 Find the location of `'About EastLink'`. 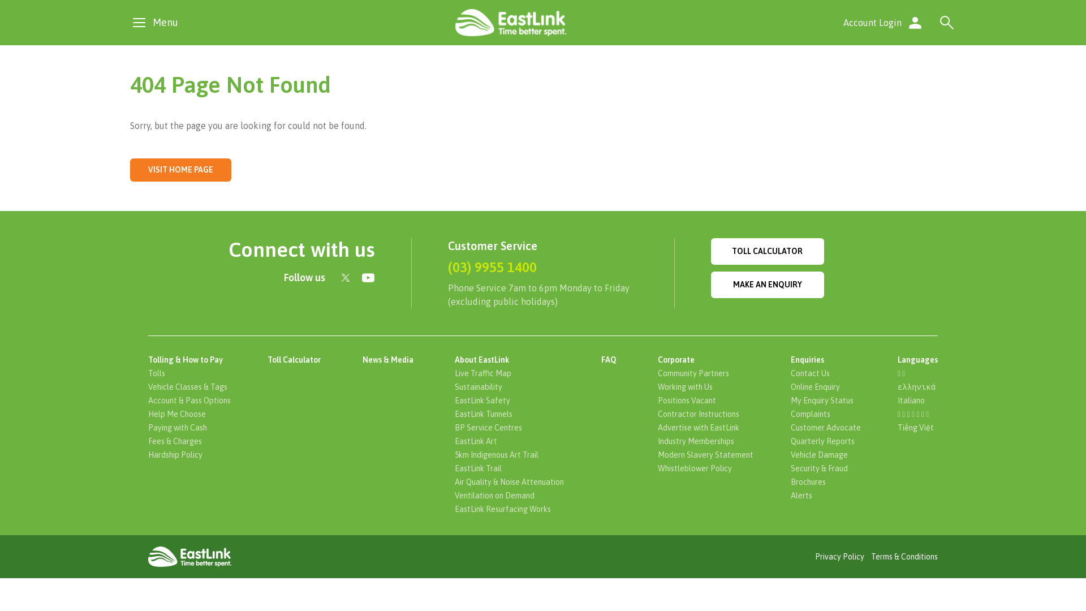

'About EastLink' is located at coordinates (489, 360).